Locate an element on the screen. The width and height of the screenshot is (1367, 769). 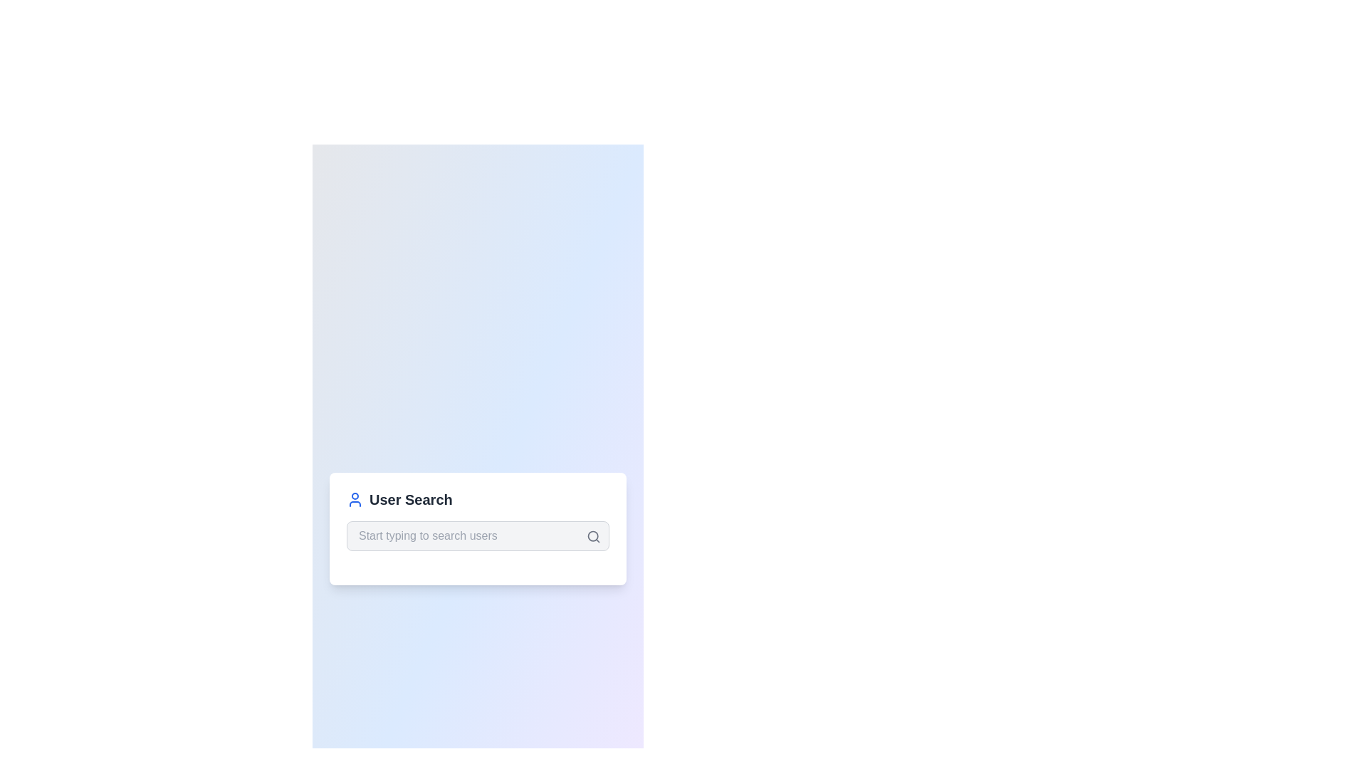
the light gray text input field with rounded corners, which contains the placeholder text 'Start typing to search users' is located at coordinates (478, 535).